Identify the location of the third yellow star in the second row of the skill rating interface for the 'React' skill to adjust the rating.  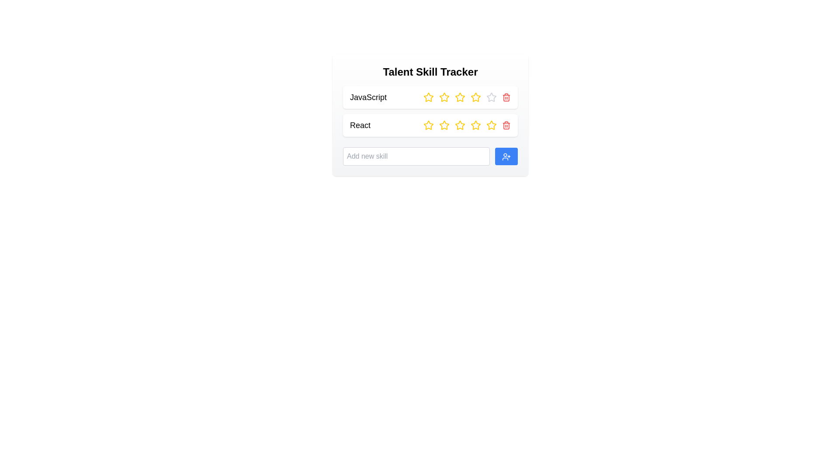
(459, 125).